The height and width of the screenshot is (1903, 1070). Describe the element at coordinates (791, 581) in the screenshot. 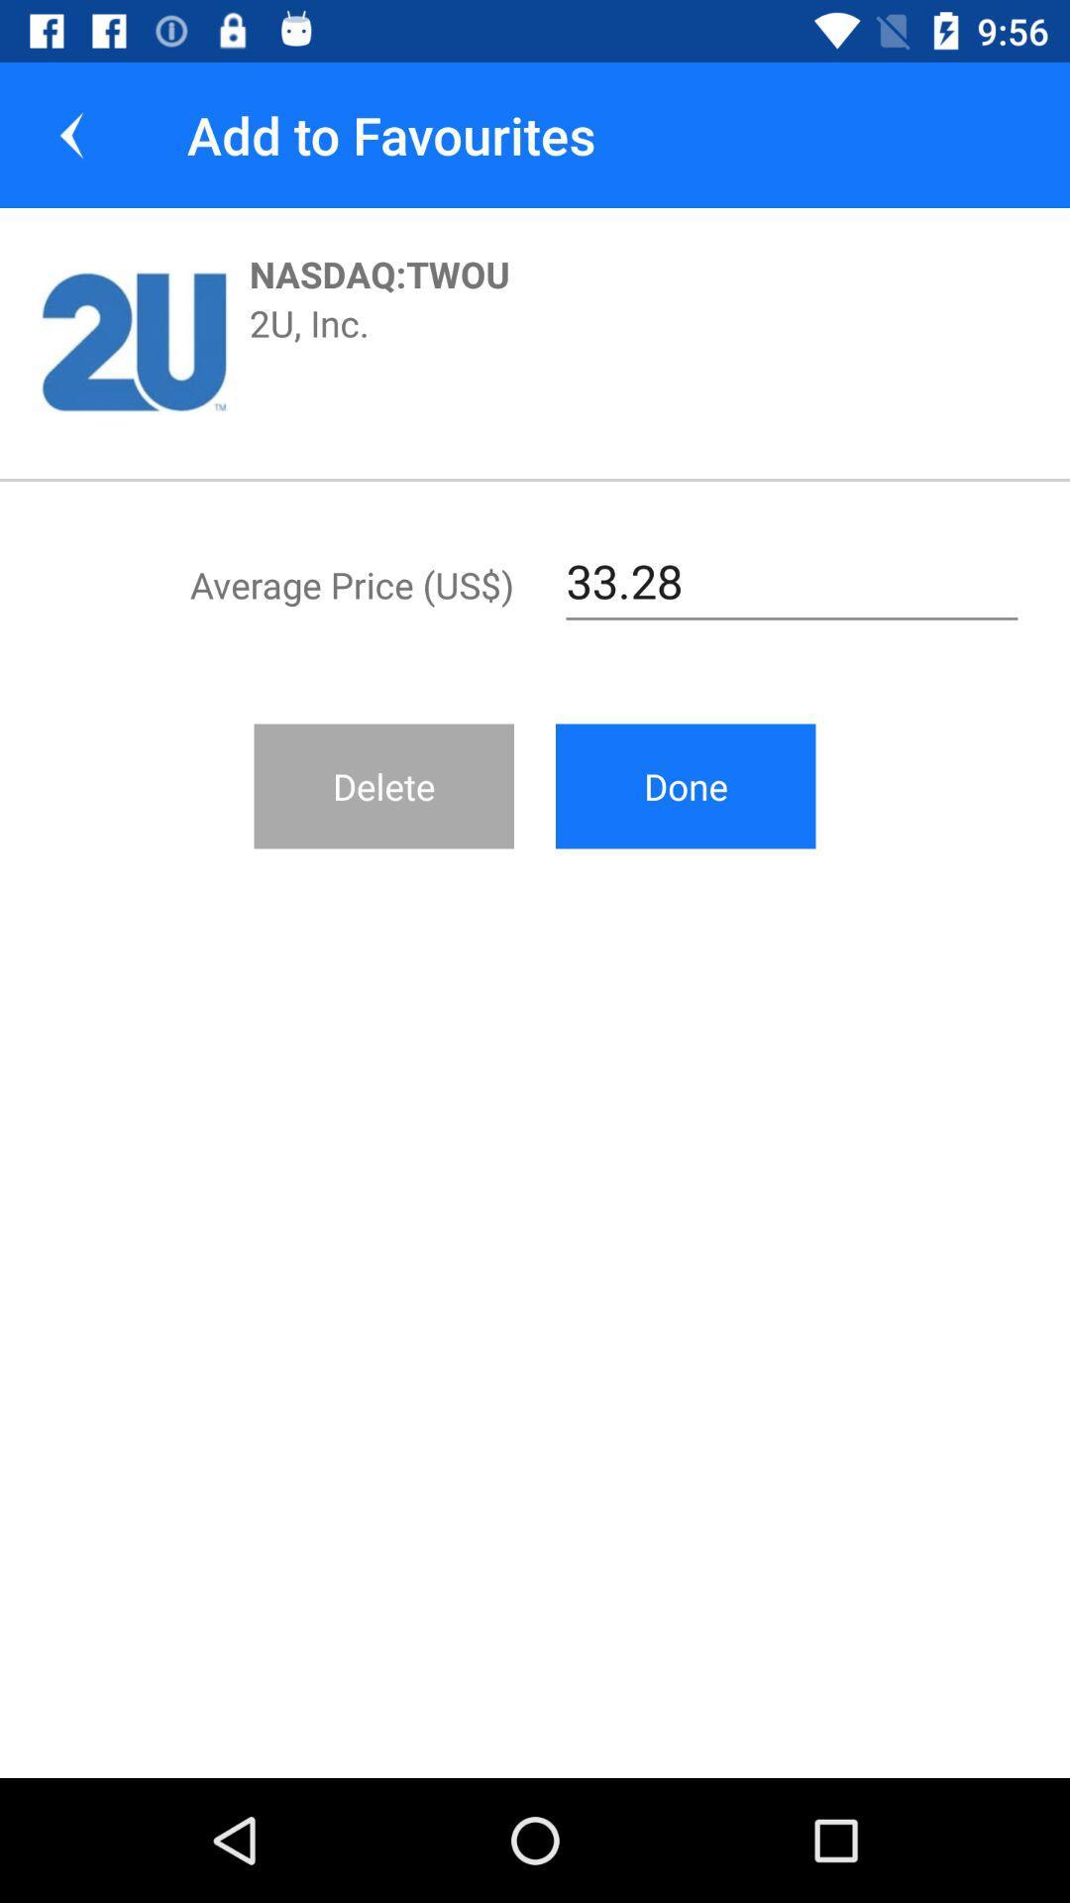

I see `the icon to the right of the average price (us$) item` at that location.